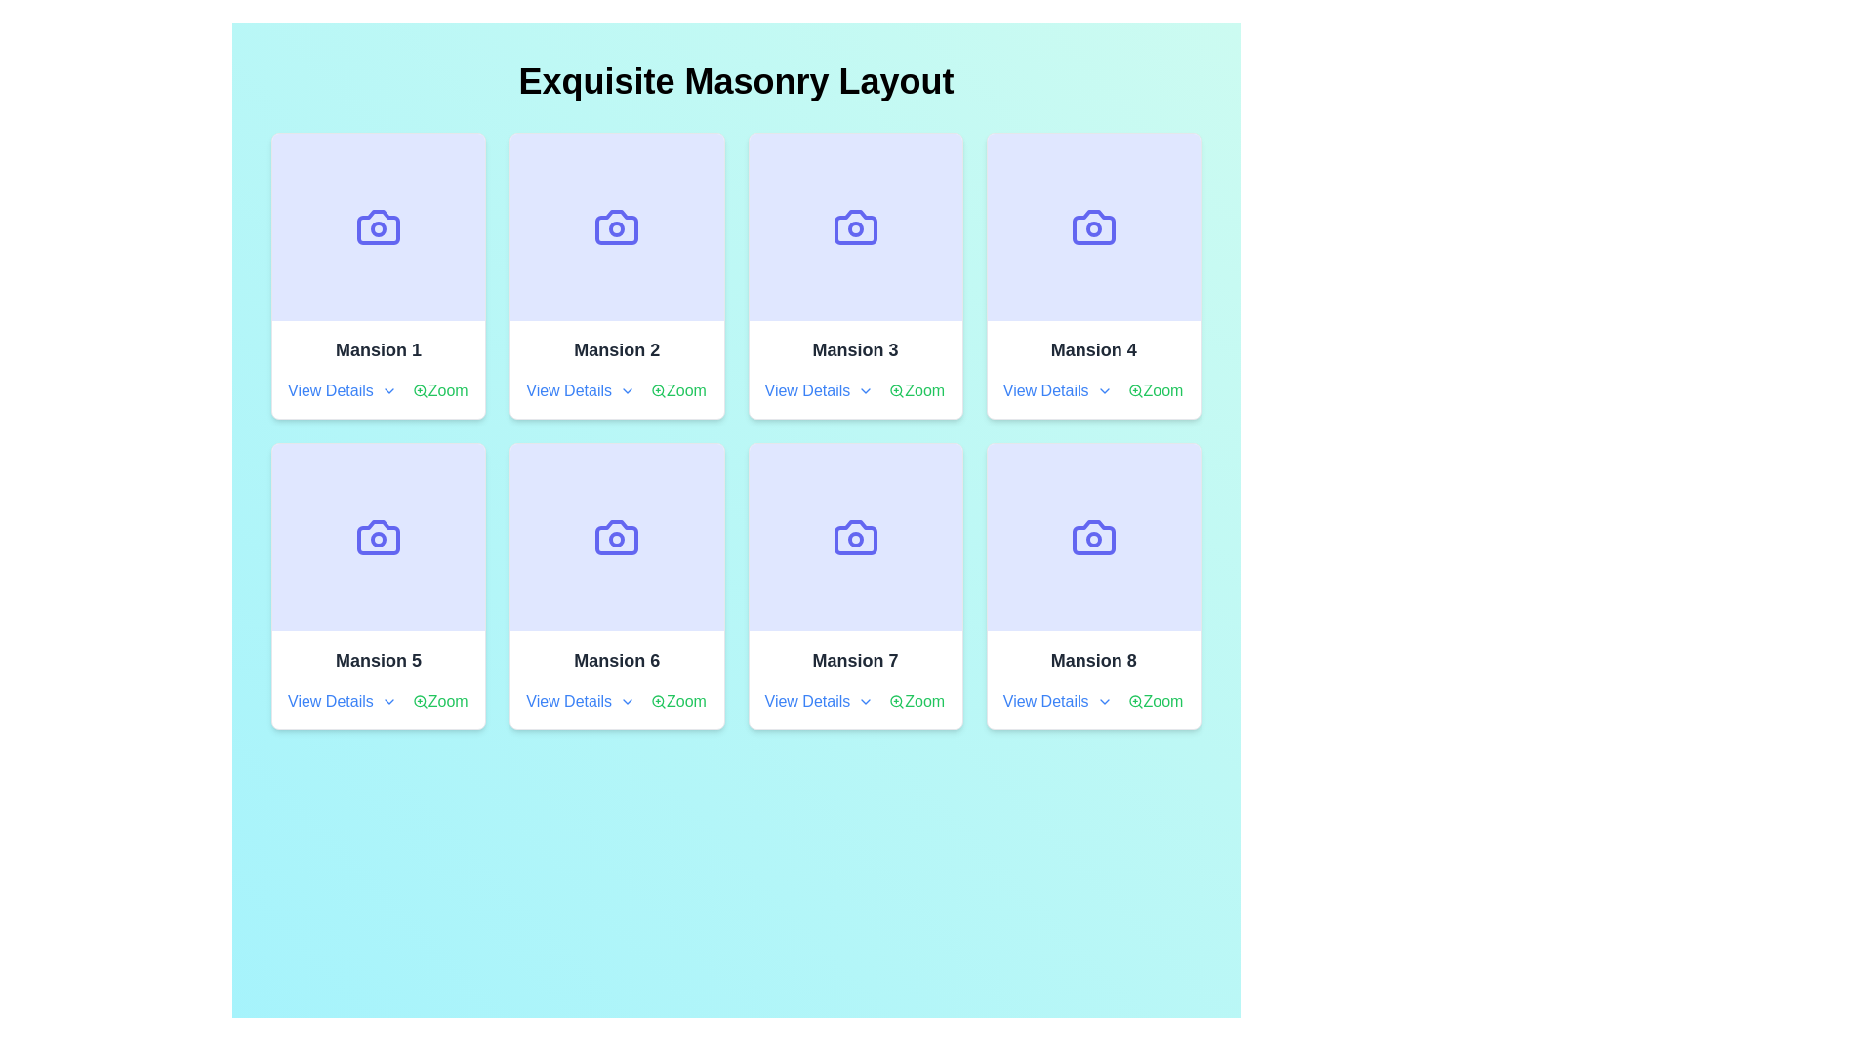 The image size is (1874, 1054). I want to click on the bold text label reading 'Mansion 8', which is located at the bottom of the last card in the second row of an 8-card grid layout, positioned above the 'View Details' and 'Zoom' links, so click(1093, 660).